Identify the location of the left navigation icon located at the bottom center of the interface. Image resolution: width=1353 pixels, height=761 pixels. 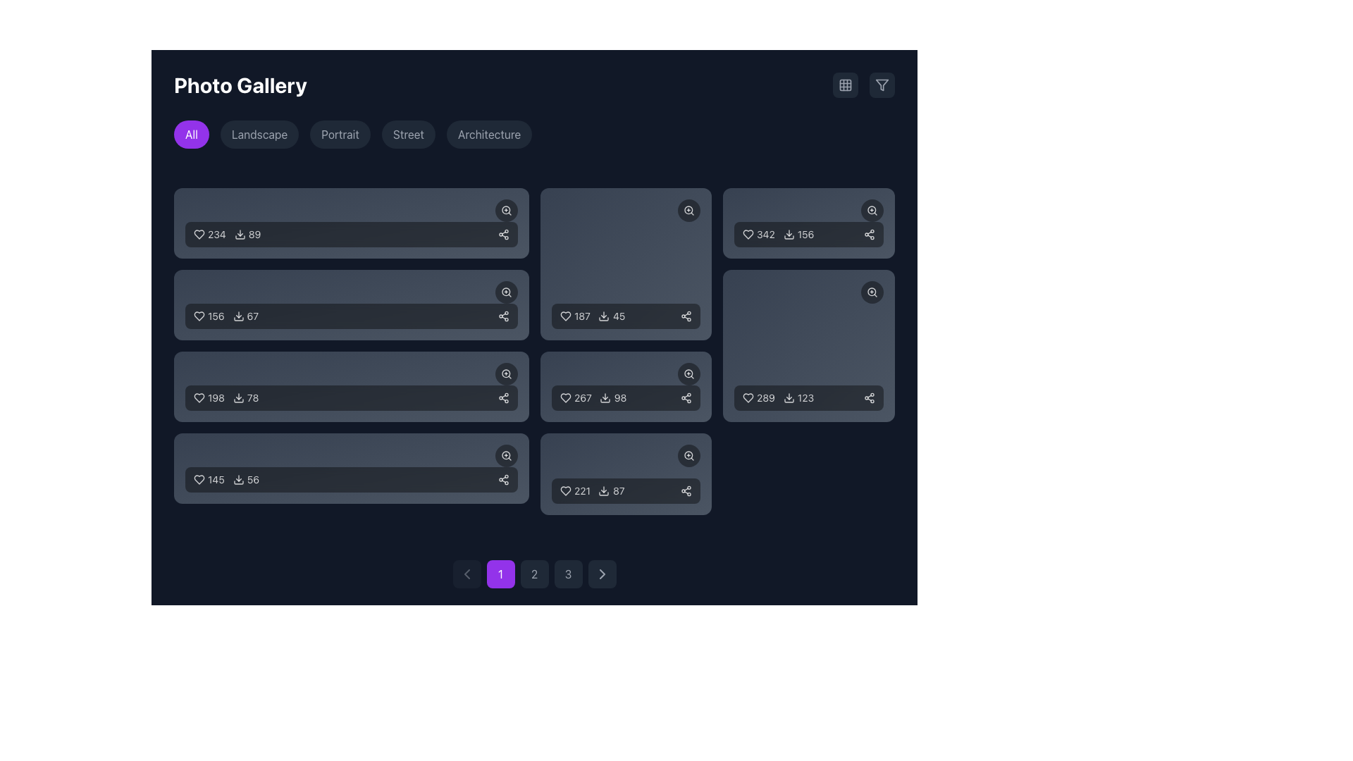
(467, 574).